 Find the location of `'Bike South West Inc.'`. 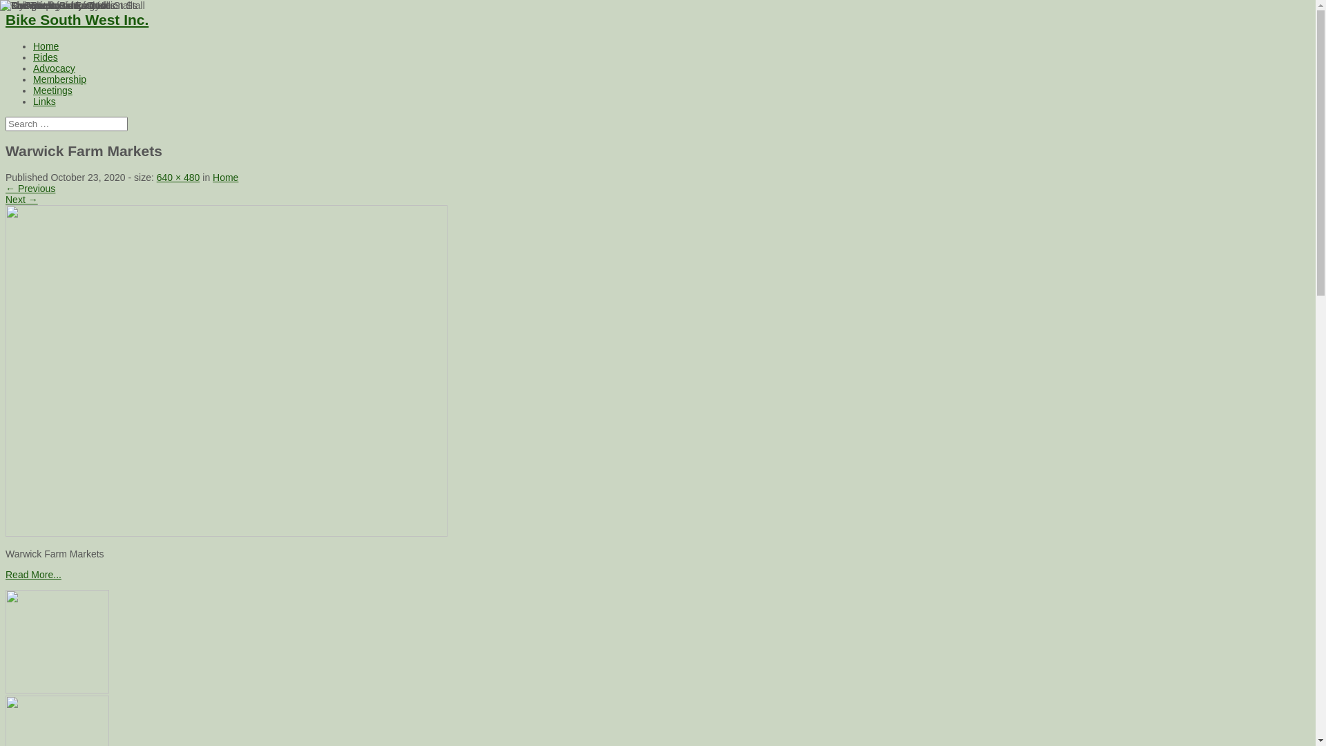

'Bike South West Inc.' is located at coordinates (76, 19).